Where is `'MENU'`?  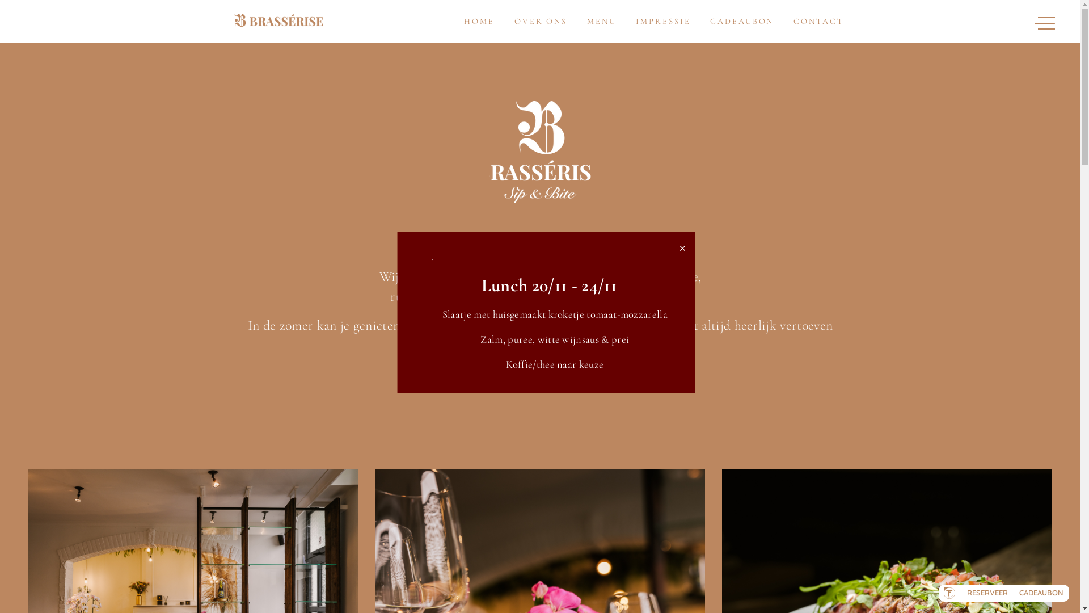 'MENU' is located at coordinates (601, 22).